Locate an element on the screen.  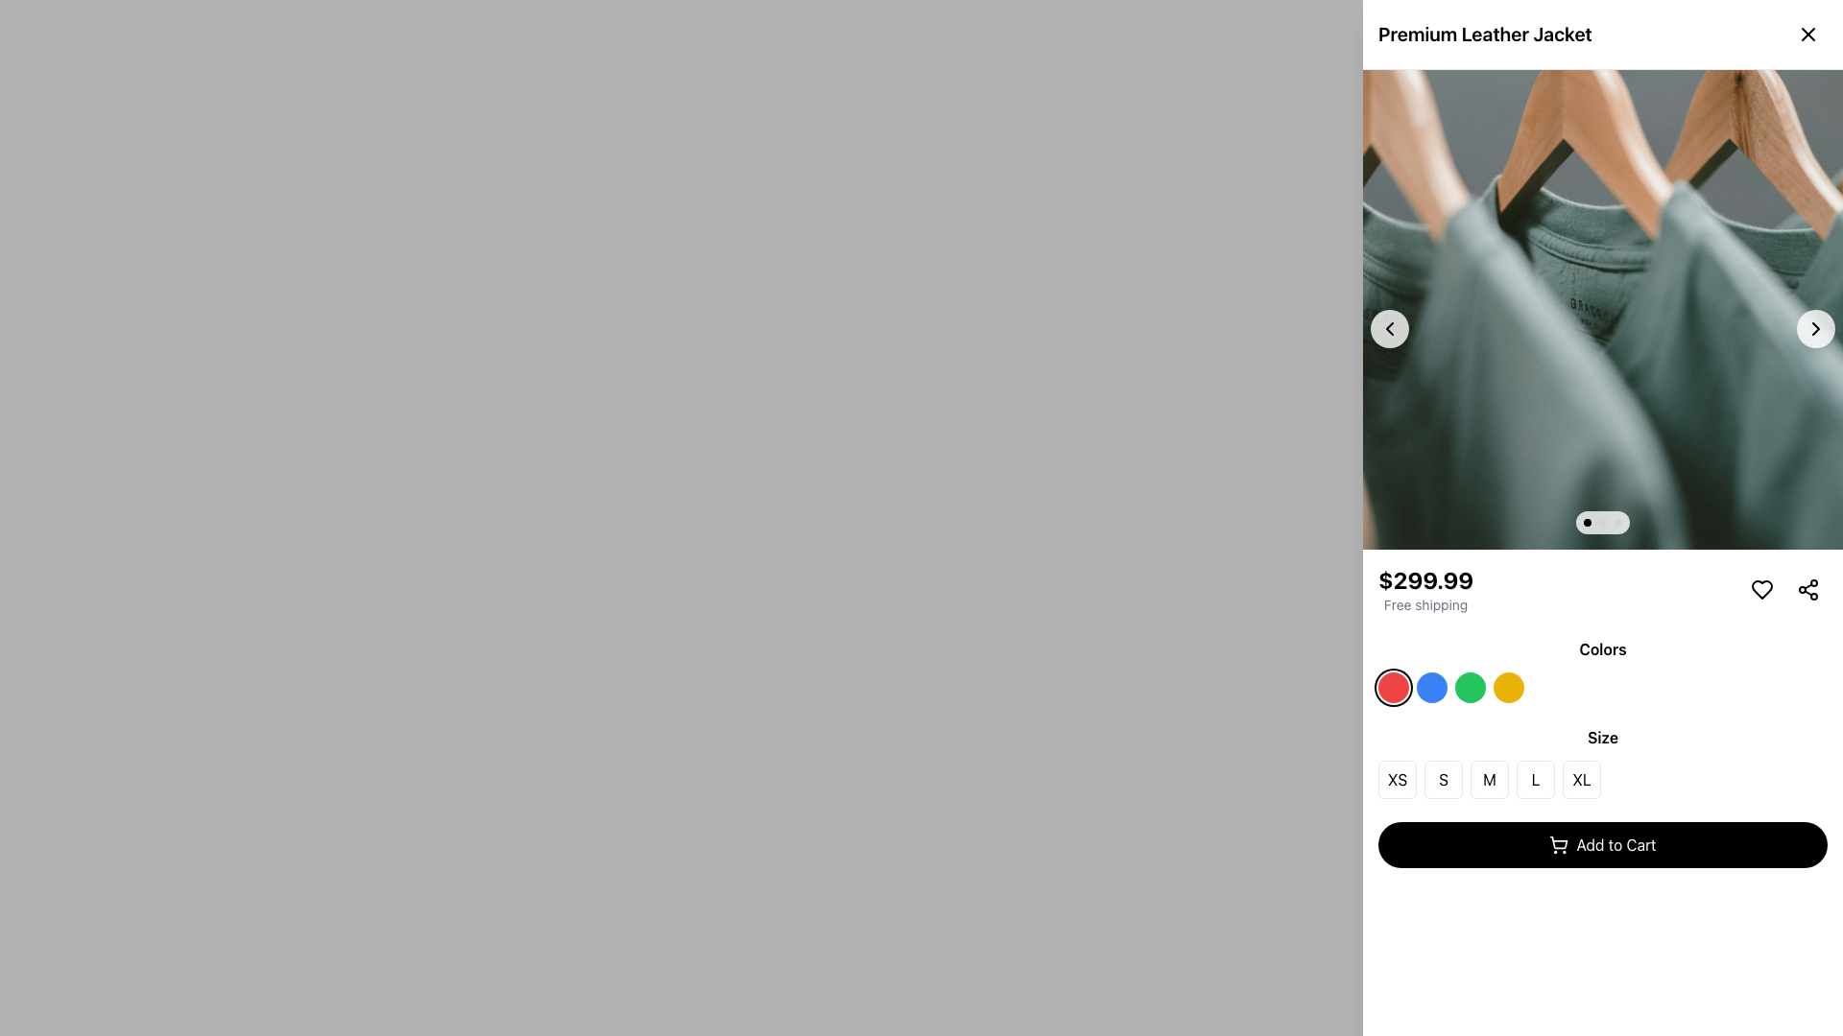
the button located at the top-right corner of the product description area is located at coordinates (1762, 588).